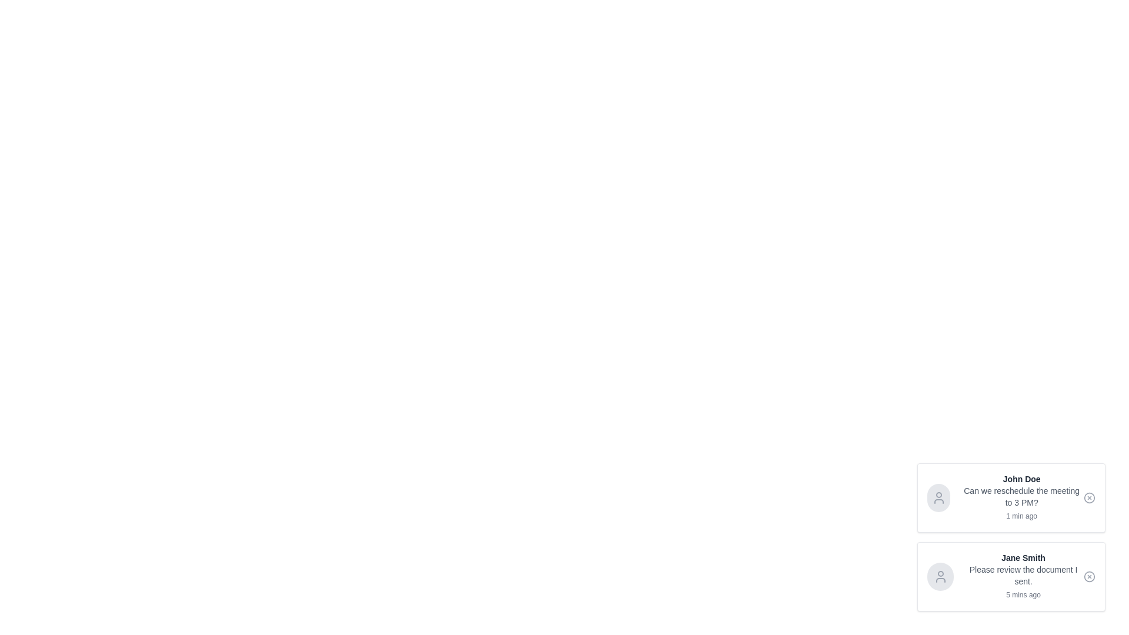 This screenshot has height=635, width=1129. I want to click on the avatar of the notification for Jane Smith, so click(940, 576).